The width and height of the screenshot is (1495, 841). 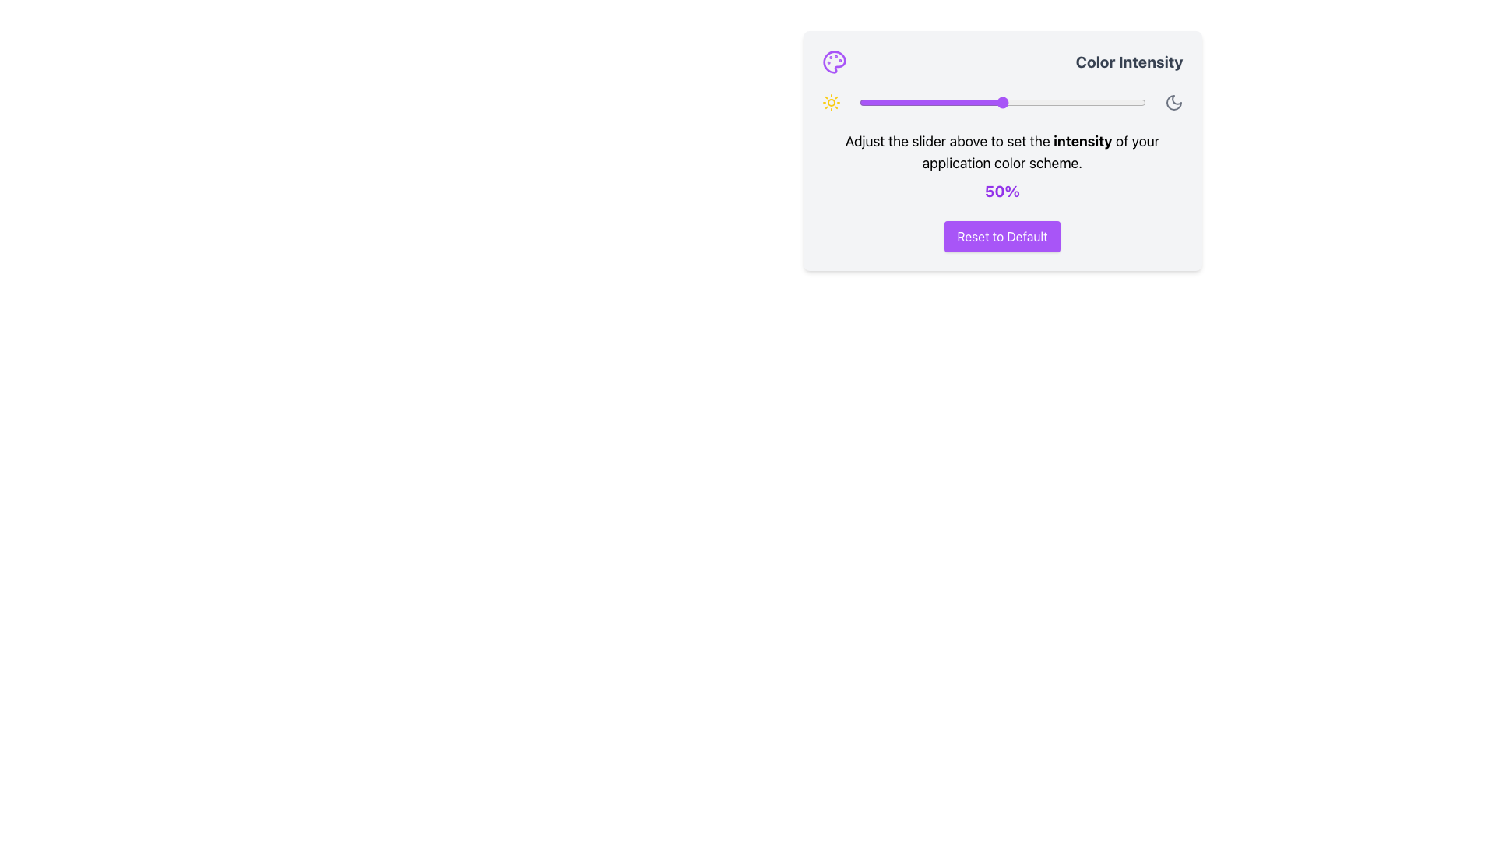 What do you see at coordinates (941, 102) in the screenshot?
I see `the color intensity slider` at bounding box center [941, 102].